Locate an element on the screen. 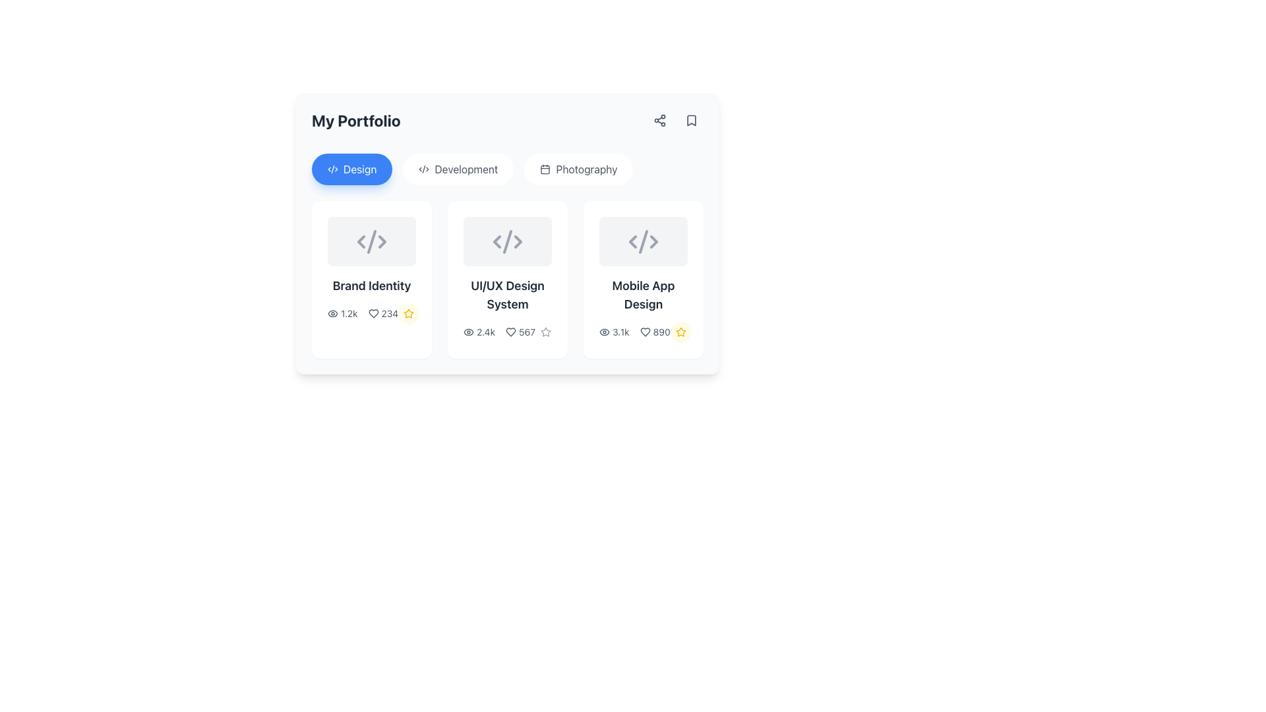  the eye icon in the Text and icon group displaying '2.4k' count, located near the bottom of the 'UI/UX Design System' card is located at coordinates (498, 332).